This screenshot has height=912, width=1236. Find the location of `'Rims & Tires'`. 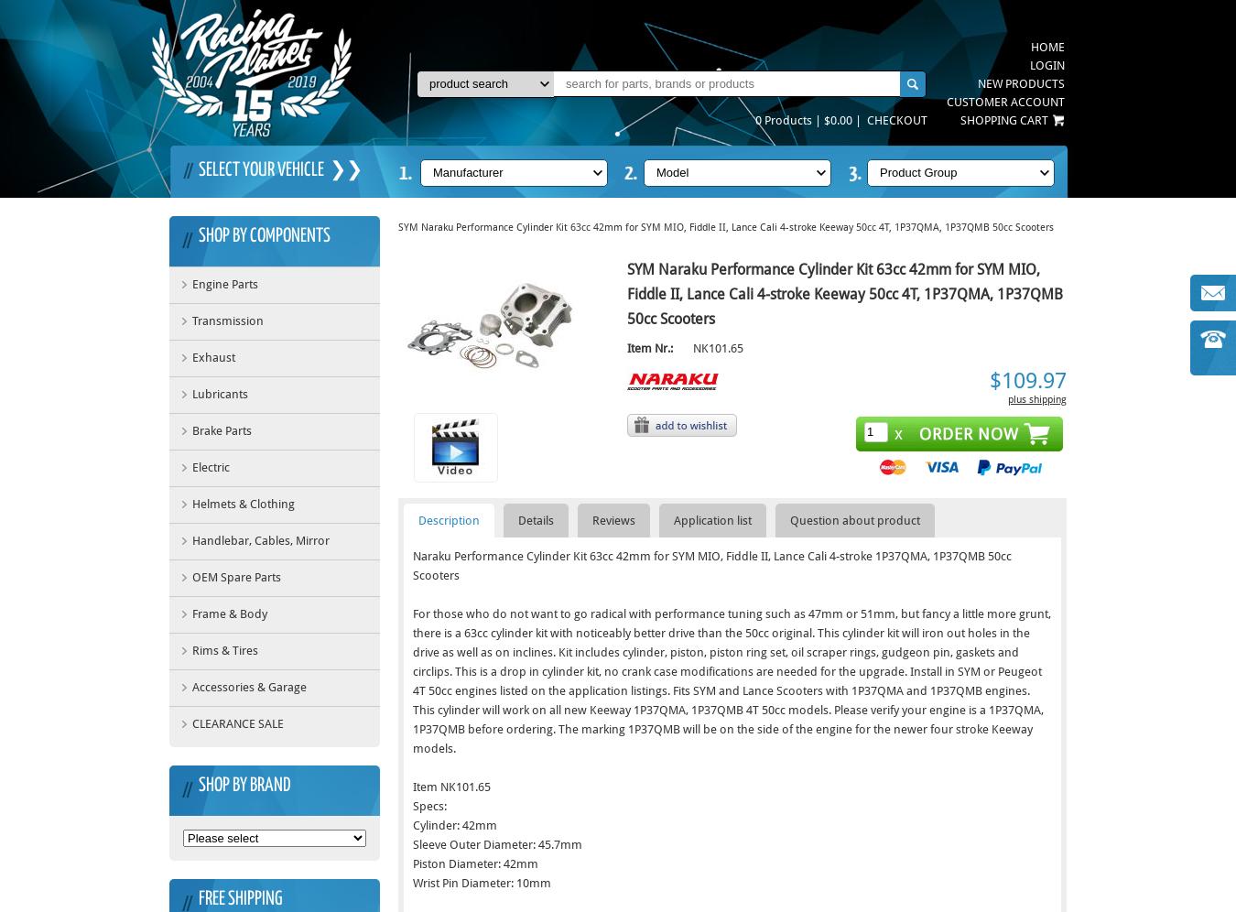

'Rims & Tires' is located at coordinates (223, 649).